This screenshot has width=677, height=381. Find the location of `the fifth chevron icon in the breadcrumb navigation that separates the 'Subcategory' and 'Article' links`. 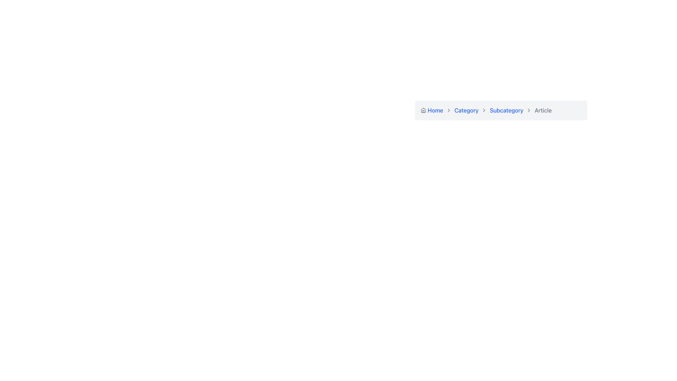

the fifth chevron icon in the breadcrumb navigation that separates the 'Subcategory' and 'Article' links is located at coordinates (529, 110).